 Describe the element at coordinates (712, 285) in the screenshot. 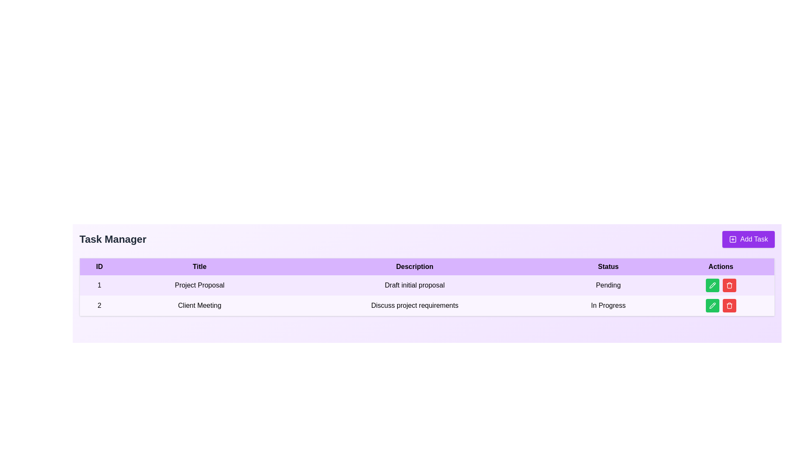

I see `the pencil icon within the green rounded button in the 'Actions' column of the second row corresponding to the task titled 'Client Meeting'` at that location.